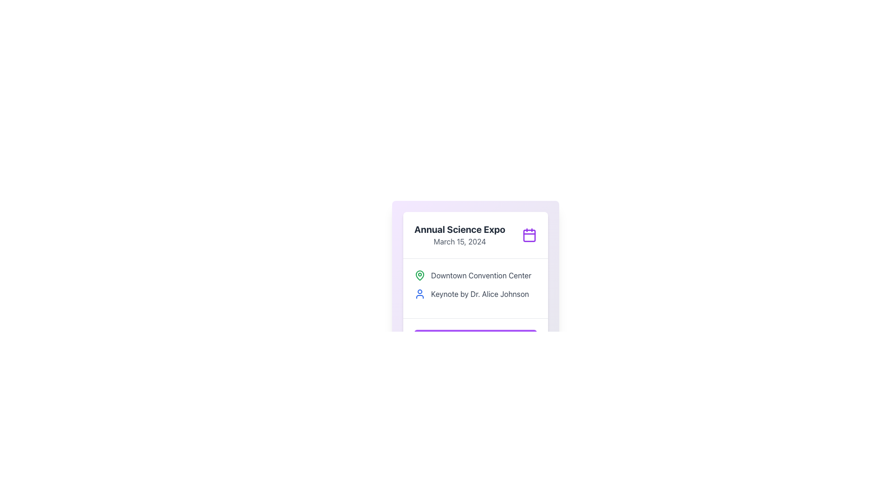 This screenshot has height=501, width=891. Describe the element at coordinates (460, 241) in the screenshot. I see `the plain text label displaying the date 'March 15, 2024', which is positioned below the heading 'Annual Science Expo'` at that location.